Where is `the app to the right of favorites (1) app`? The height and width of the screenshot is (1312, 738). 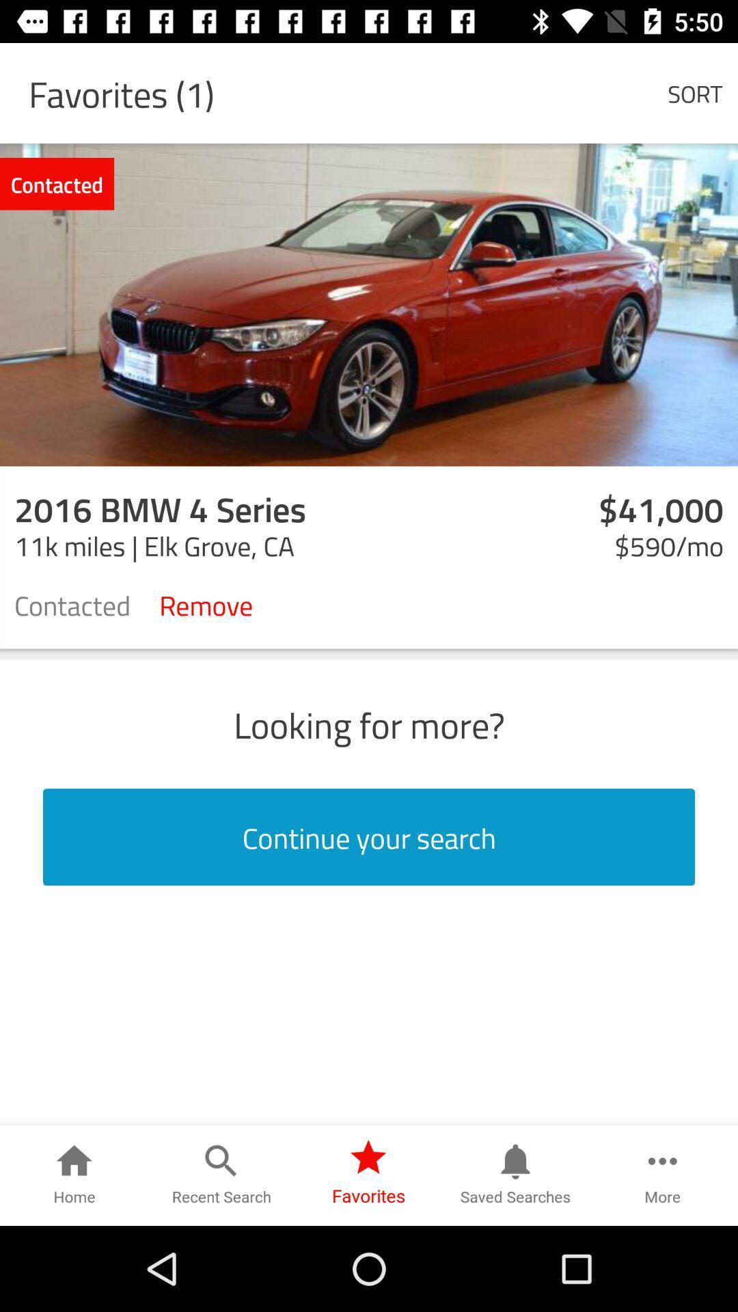
the app to the right of favorites (1) app is located at coordinates (695, 92).